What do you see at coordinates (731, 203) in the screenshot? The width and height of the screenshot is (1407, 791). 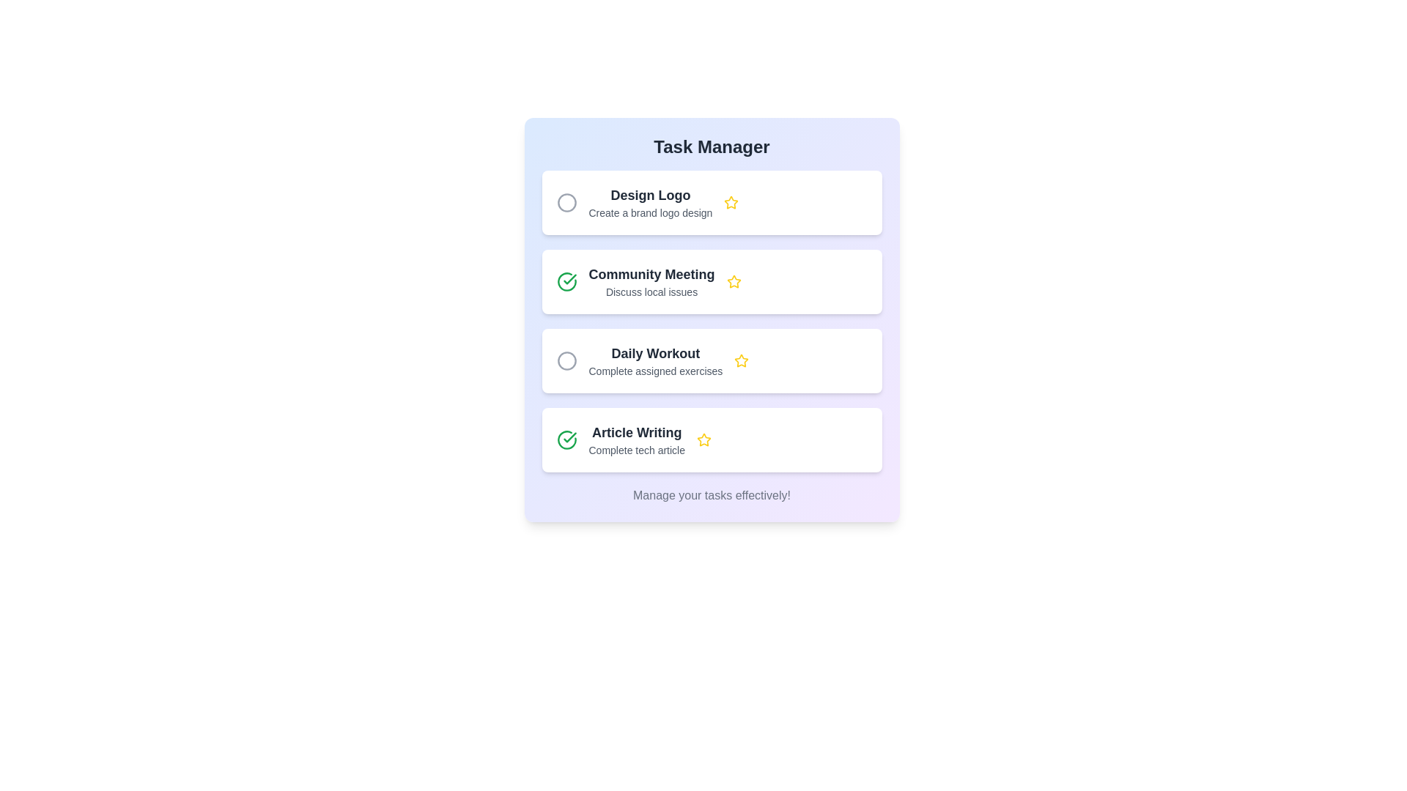 I see `the star icon next to the task Design Logo` at bounding box center [731, 203].